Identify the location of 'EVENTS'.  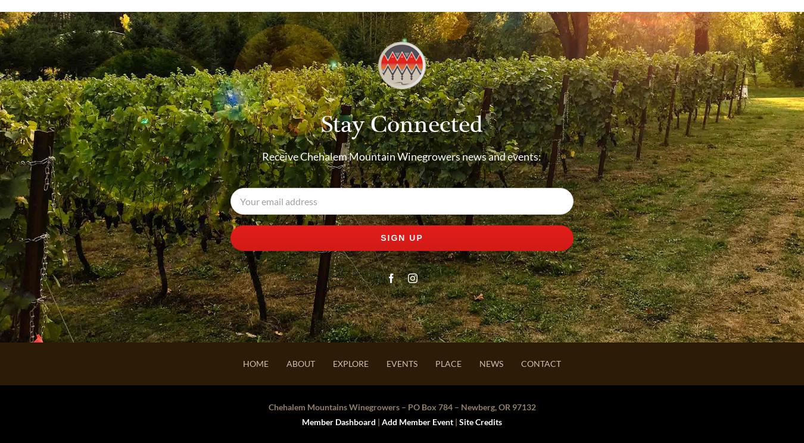
(402, 363).